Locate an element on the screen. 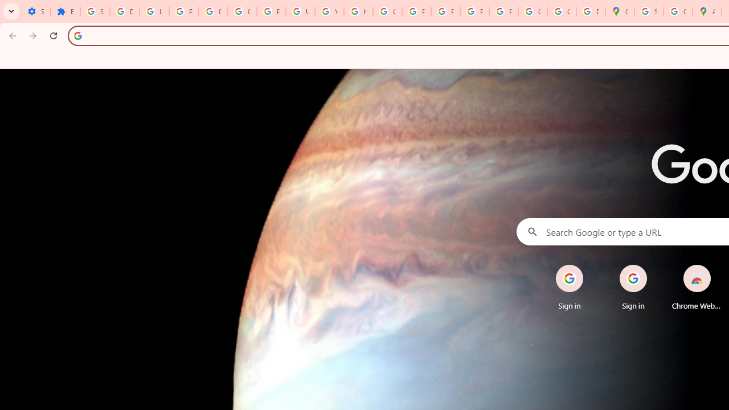  'Settings - On startup' is located at coordinates (36, 11).